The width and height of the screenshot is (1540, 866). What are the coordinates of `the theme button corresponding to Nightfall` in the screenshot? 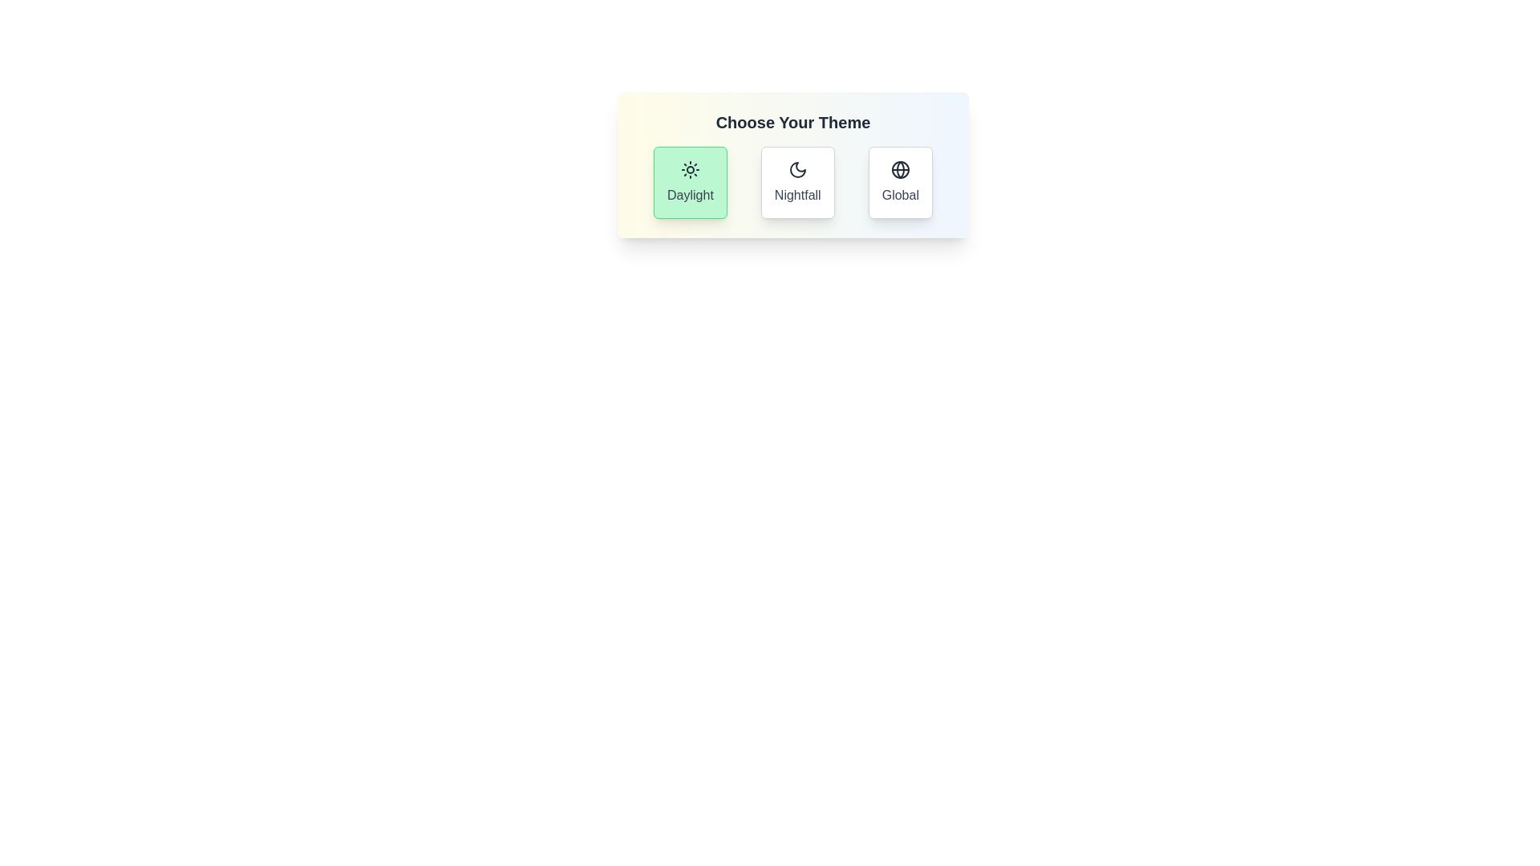 It's located at (797, 181).